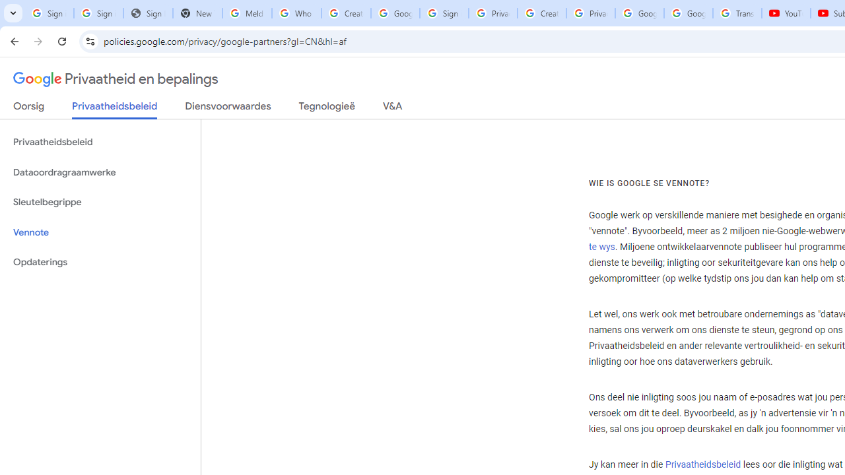 The height and width of the screenshot is (475, 845). What do you see at coordinates (116, 79) in the screenshot?
I see `'Privaatheid en bepalings'` at bounding box center [116, 79].